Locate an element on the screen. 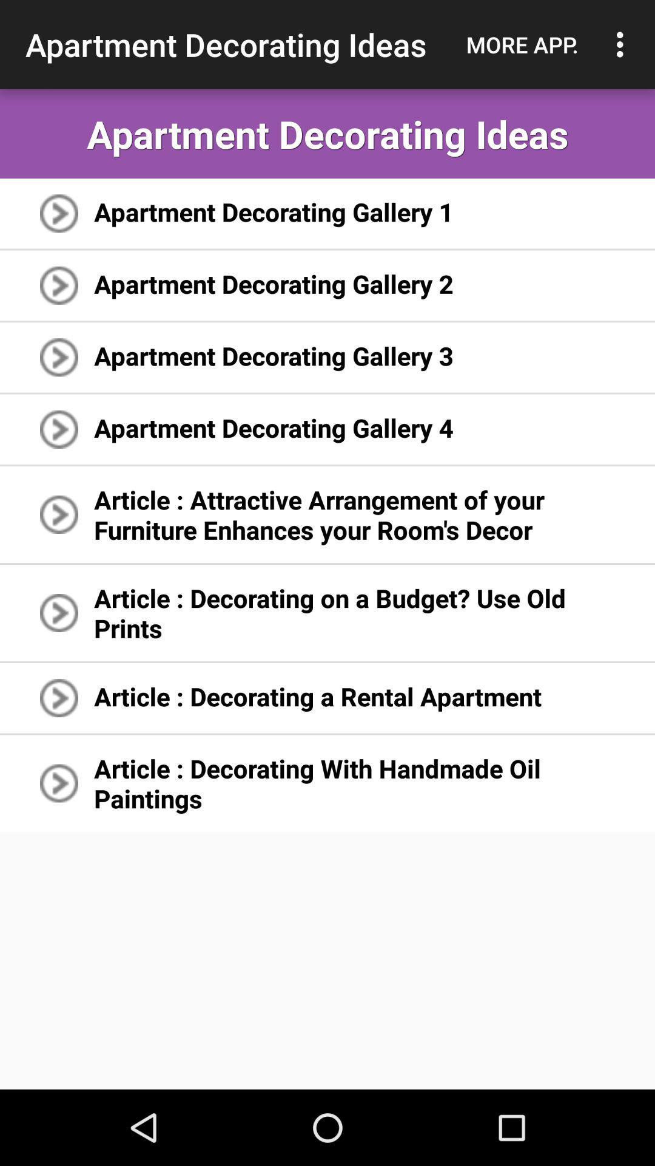  more app. item is located at coordinates (522, 44).